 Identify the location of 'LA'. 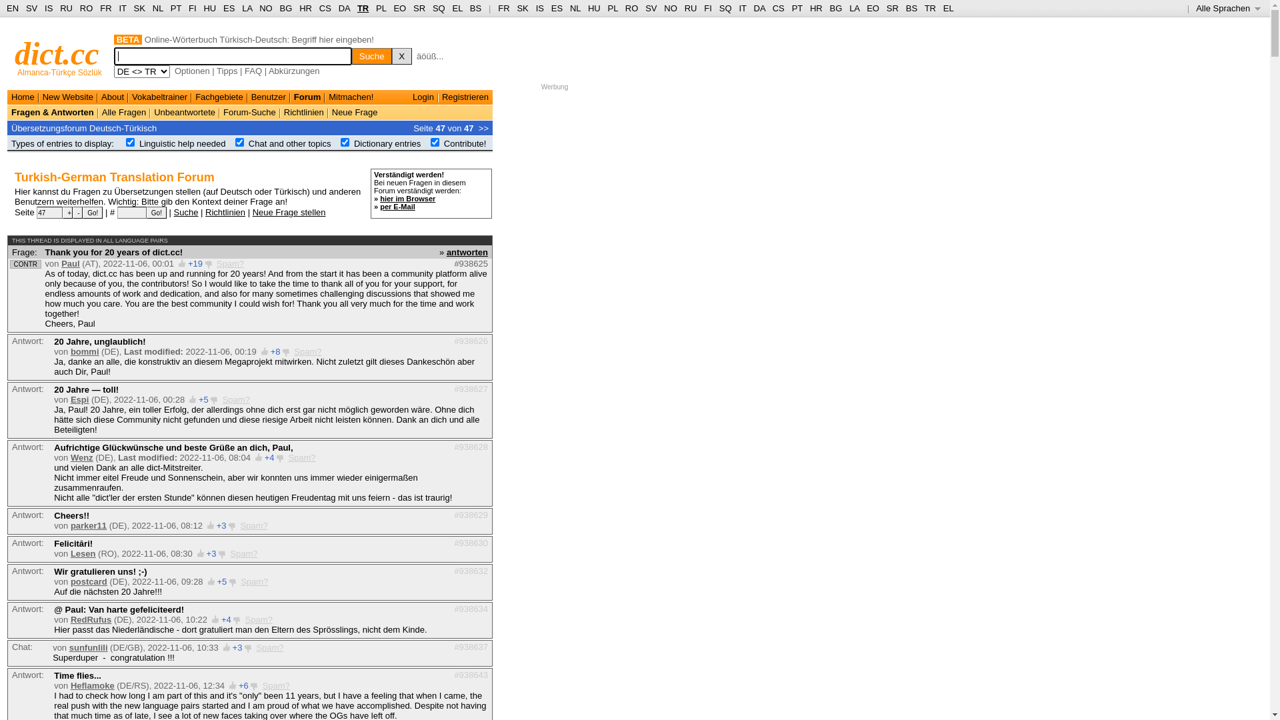
(854, 8).